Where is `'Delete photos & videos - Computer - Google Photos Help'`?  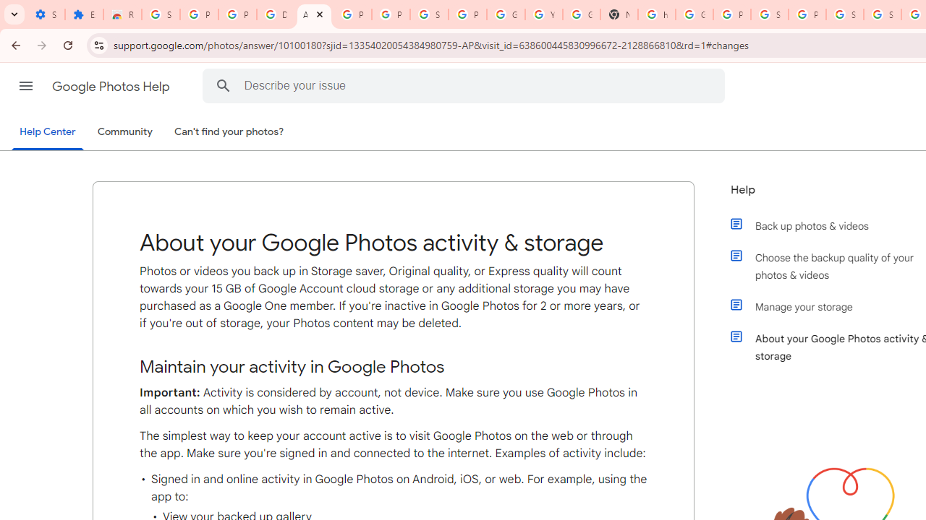
'Delete photos & videos - Computer - Google Photos Help' is located at coordinates (276, 14).